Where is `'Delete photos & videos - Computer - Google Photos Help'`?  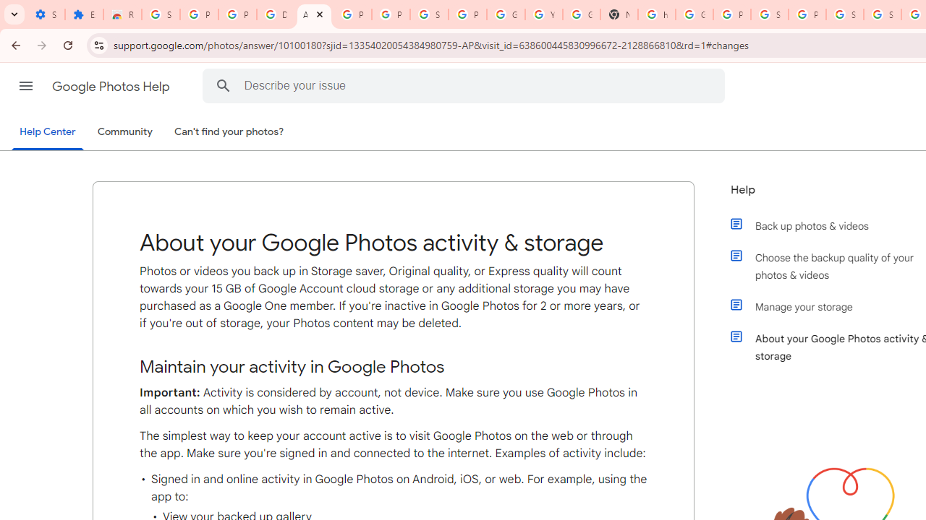
'Delete photos & videos - Computer - Google Photos Help' is located at coordinates (276, 14).